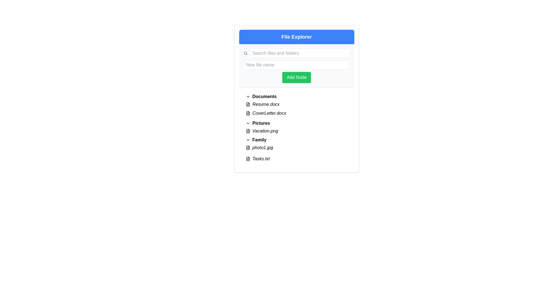 The width and height of the screenshot is (534, 300). What do you see at coordinates (262, 147) in the screenshot?
I see `the text label representing the file name 'photo1.jpg' in the 'Family' folder of the file explorer interface` at bounding box center [262, 147].